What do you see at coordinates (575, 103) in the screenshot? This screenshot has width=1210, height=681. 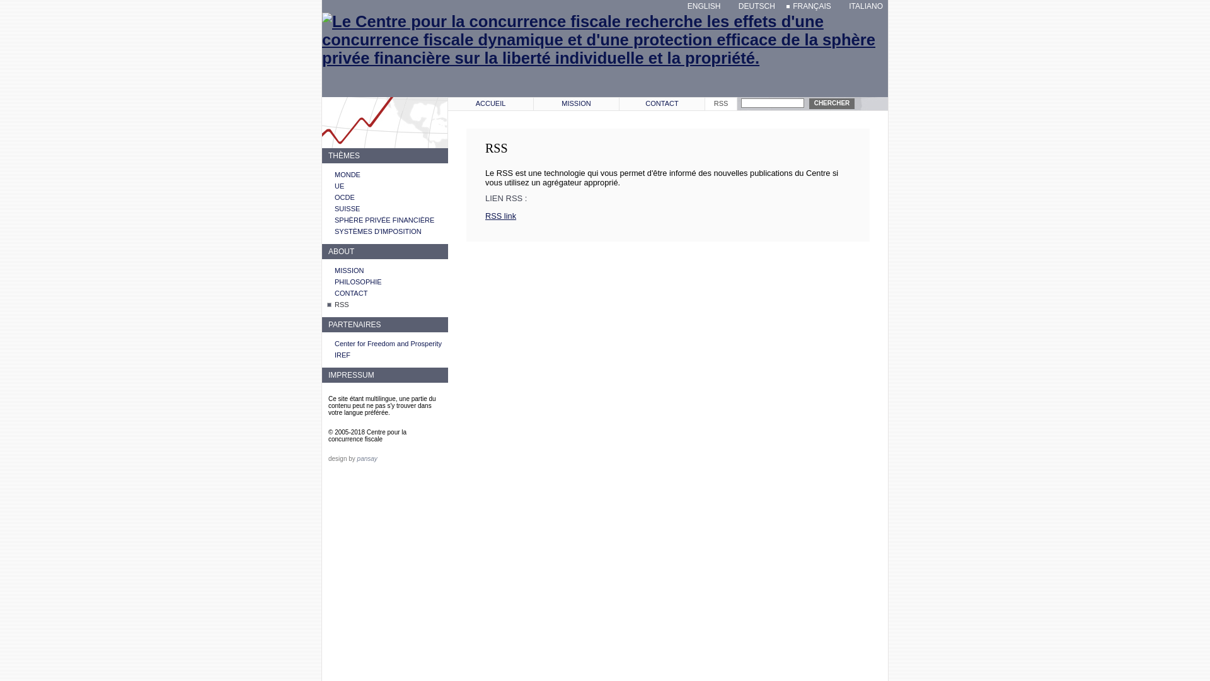 I see `'MISSION'` at bounding box center [575, 103].